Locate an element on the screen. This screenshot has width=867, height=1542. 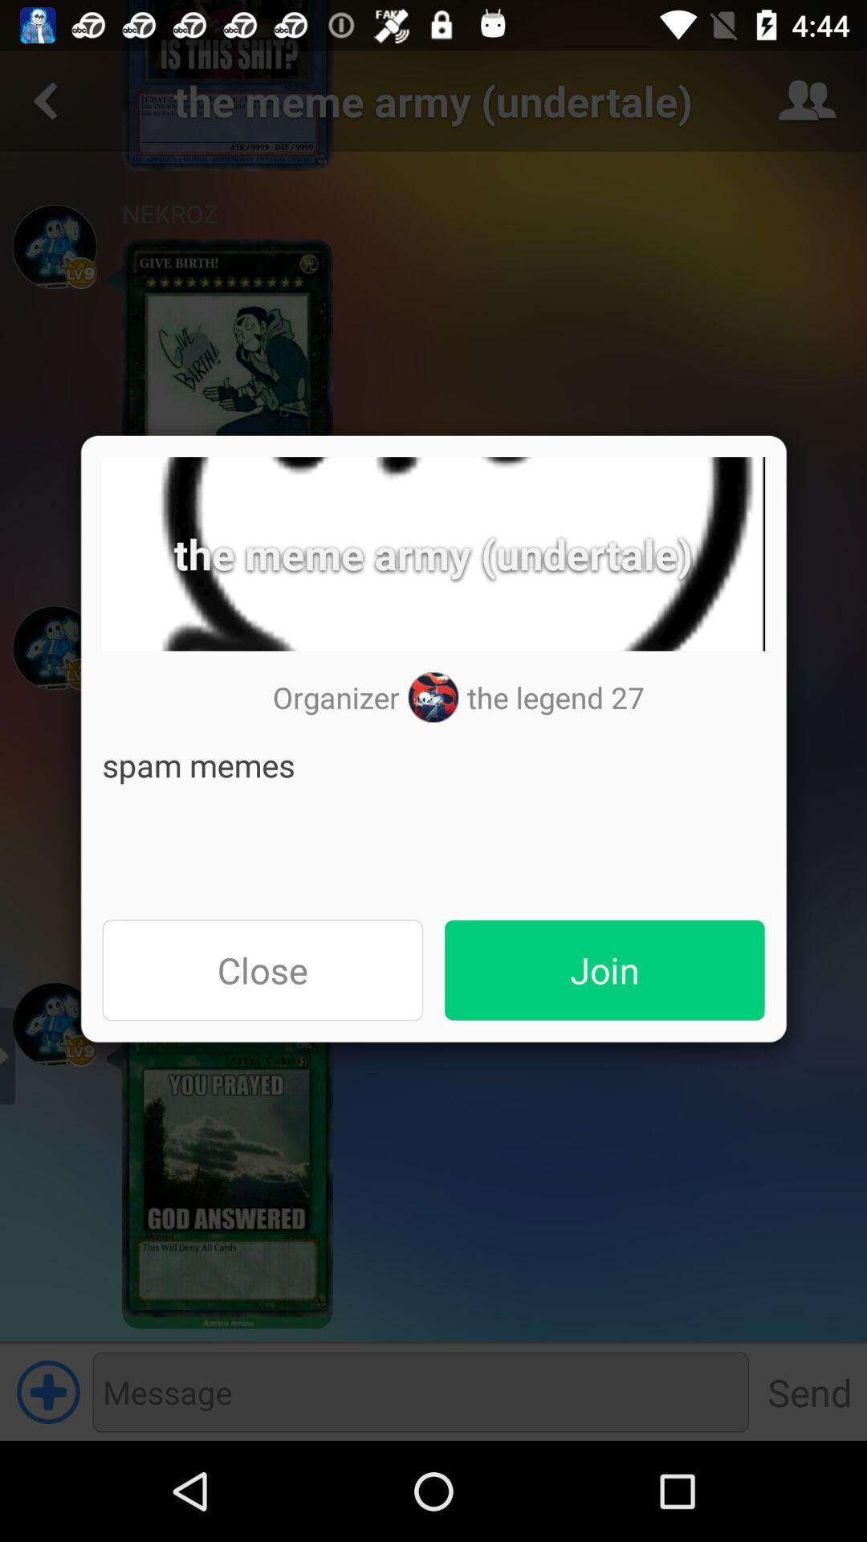
the item below spam memes is located at coordinates (604, 969).